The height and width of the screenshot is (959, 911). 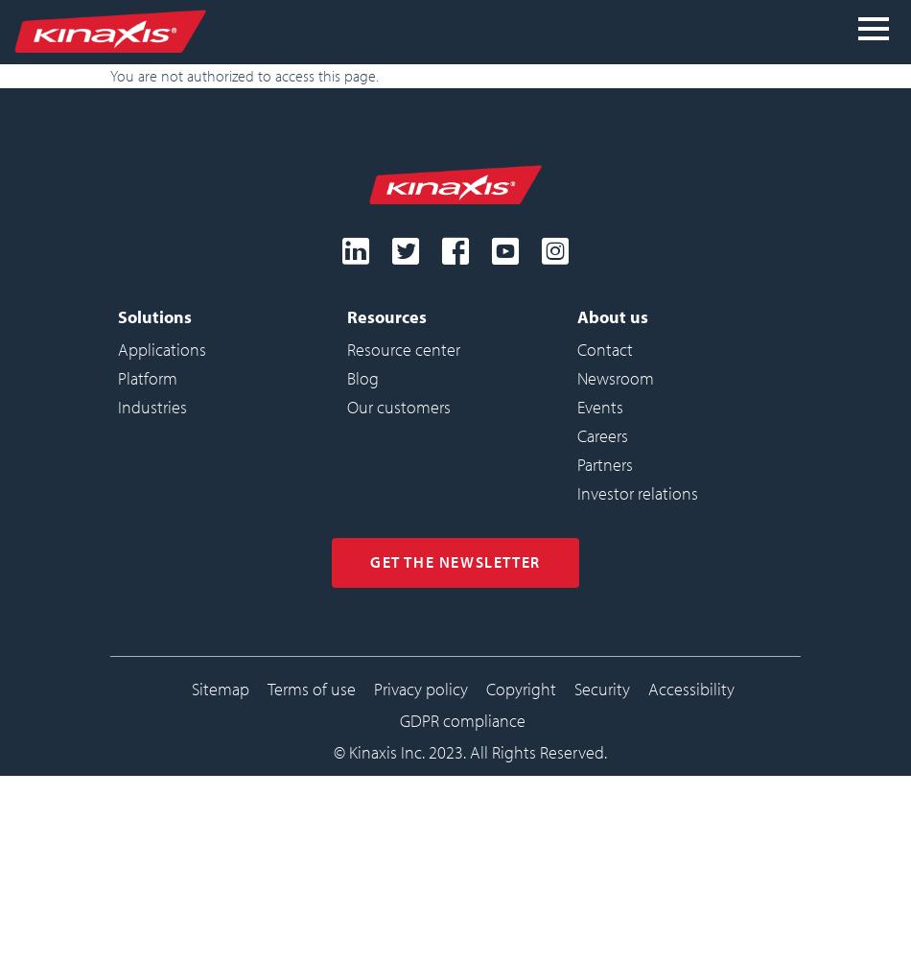 I want to click on 'Contact', so click(x=604, y=347).